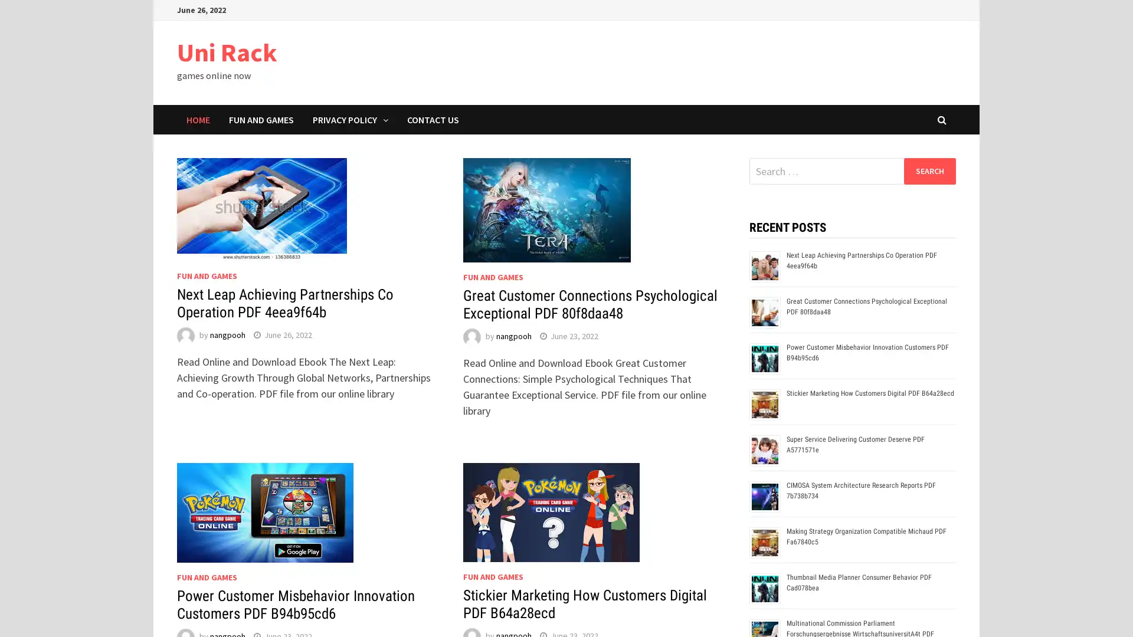 Image resolution: width=1133 pixels, height=637 pixels. Describe the element at coordinates (929, 170) in the screenshot. I see `Search` at that location.